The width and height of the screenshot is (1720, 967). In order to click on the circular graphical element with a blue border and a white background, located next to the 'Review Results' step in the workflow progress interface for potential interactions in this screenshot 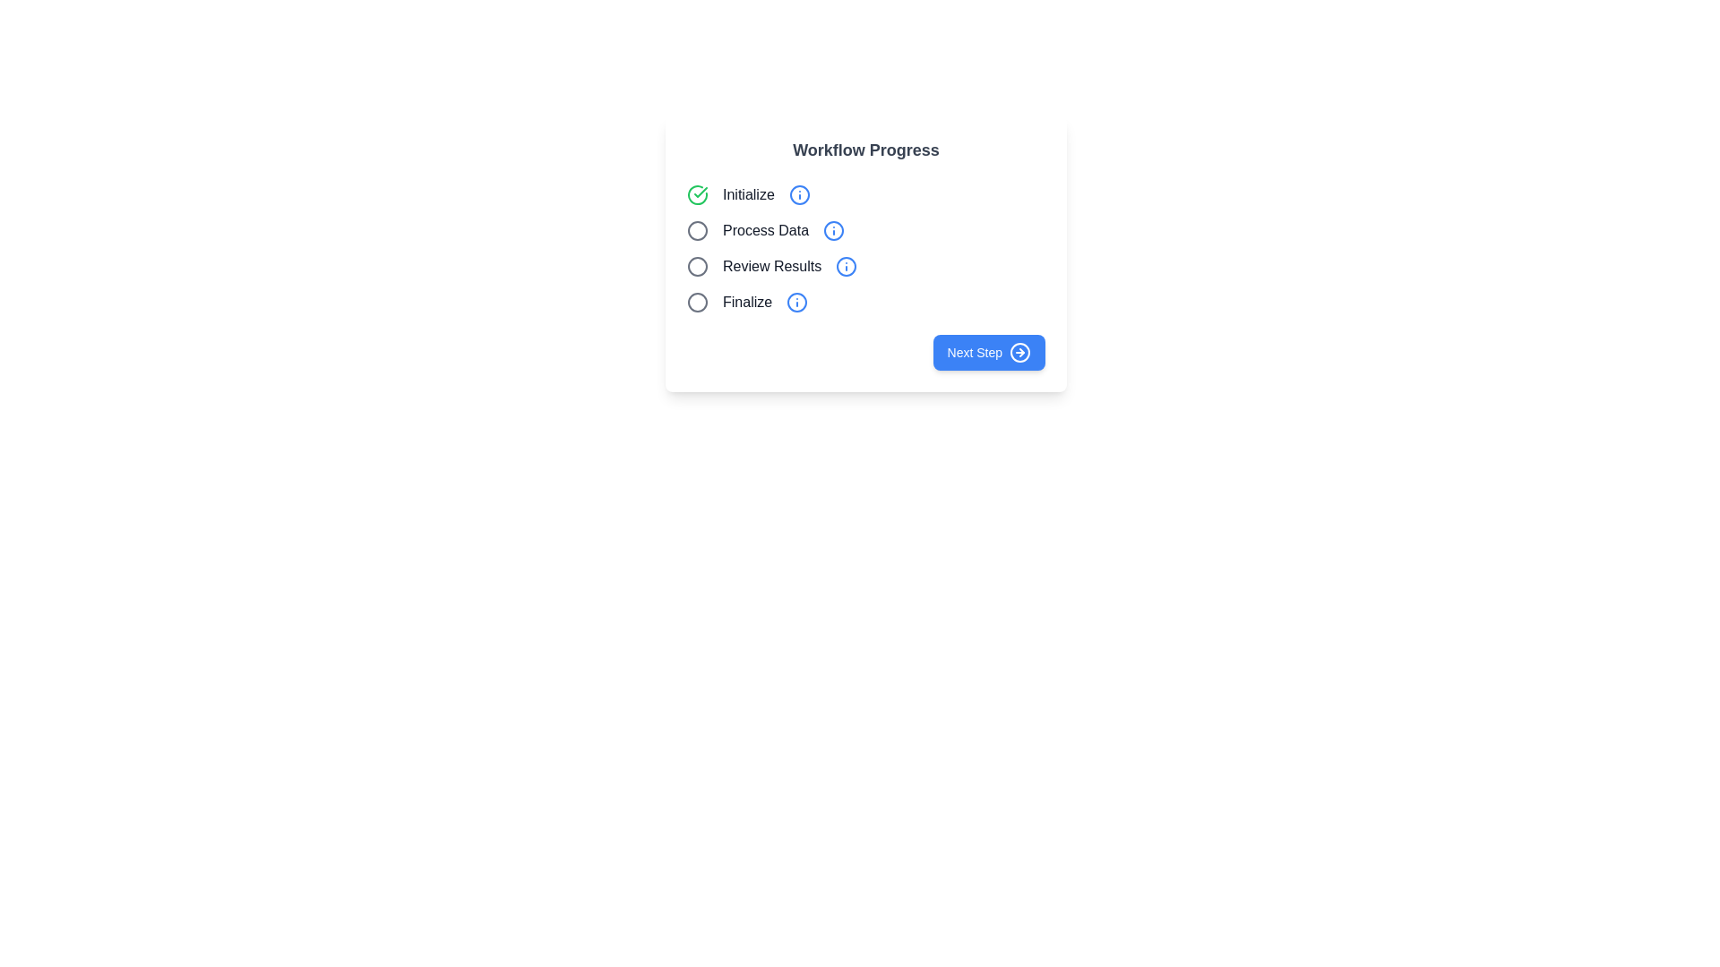, I will do `click(846, 266)`.